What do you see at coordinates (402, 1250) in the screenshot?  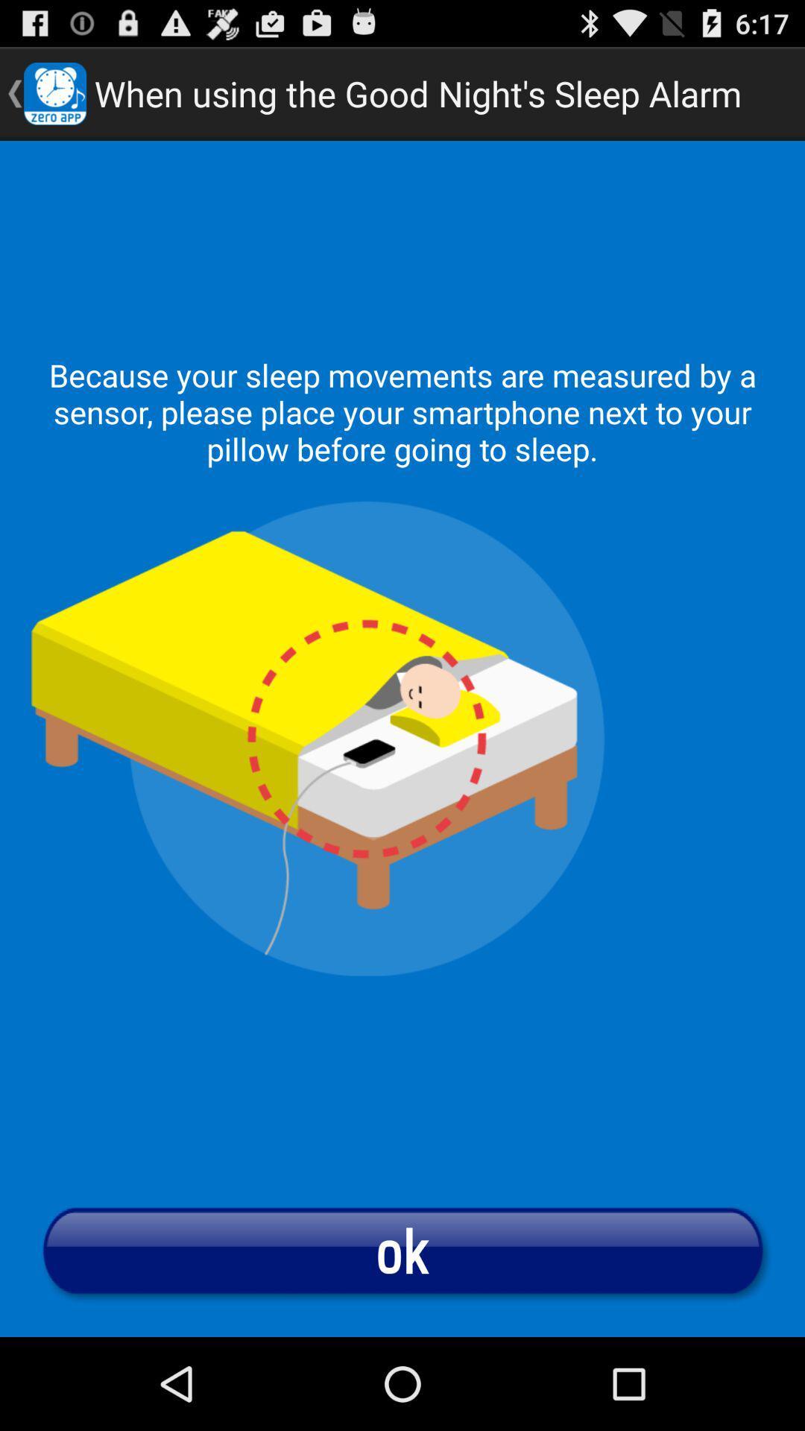 I see `the ok button` at bounding box center [402, 1250].